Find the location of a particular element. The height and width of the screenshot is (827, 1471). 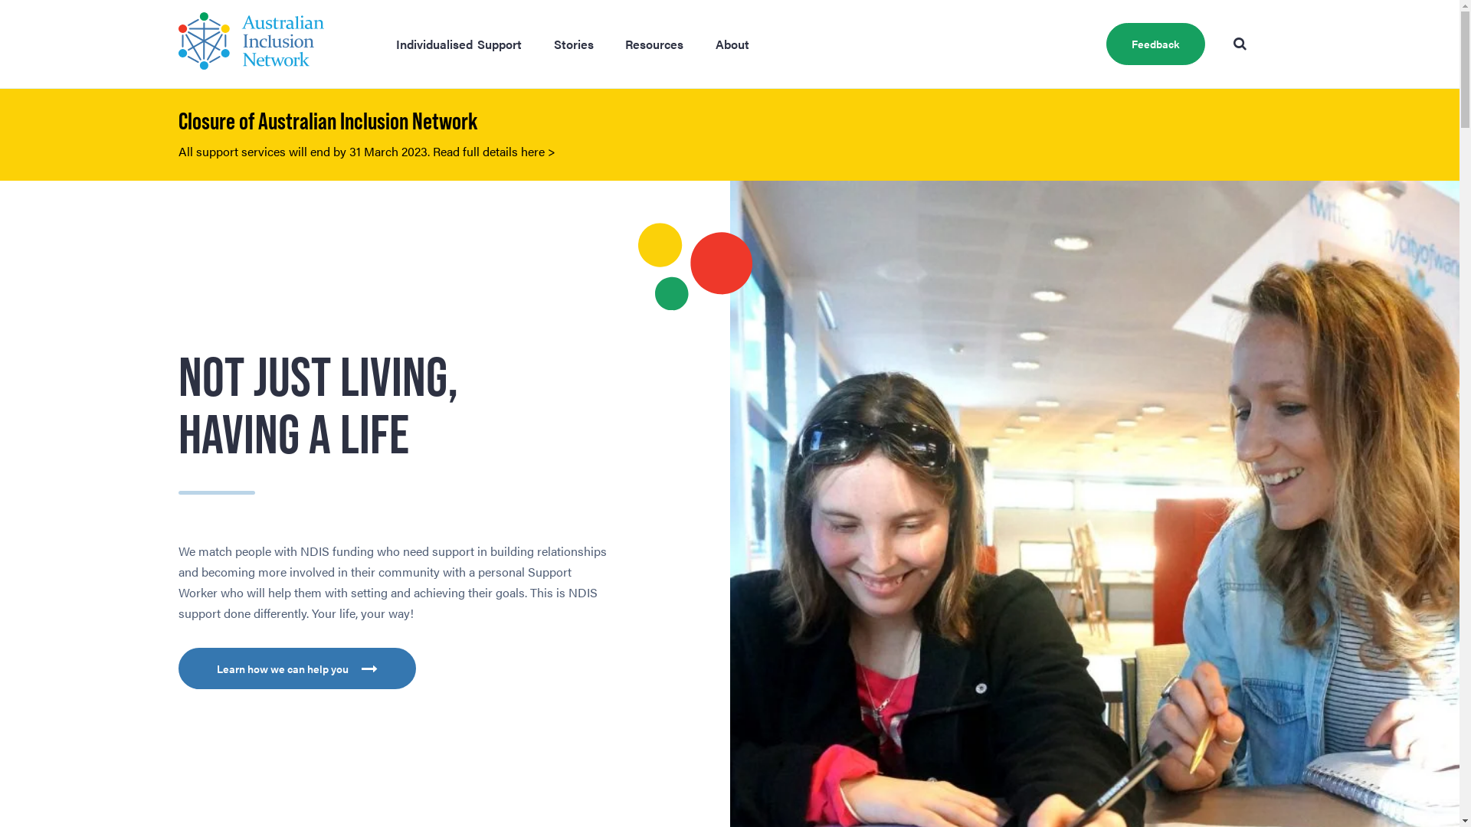

'About' is located at coordinates (731, 43).